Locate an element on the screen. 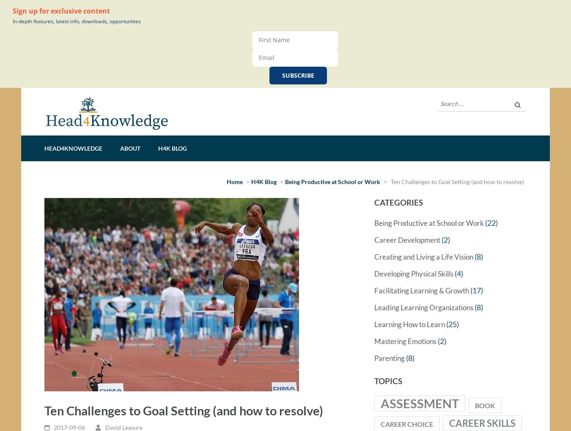 Image resolution: width=571 pixels, height=431 pixels. '(25)' is located at coordinates (452, 327).